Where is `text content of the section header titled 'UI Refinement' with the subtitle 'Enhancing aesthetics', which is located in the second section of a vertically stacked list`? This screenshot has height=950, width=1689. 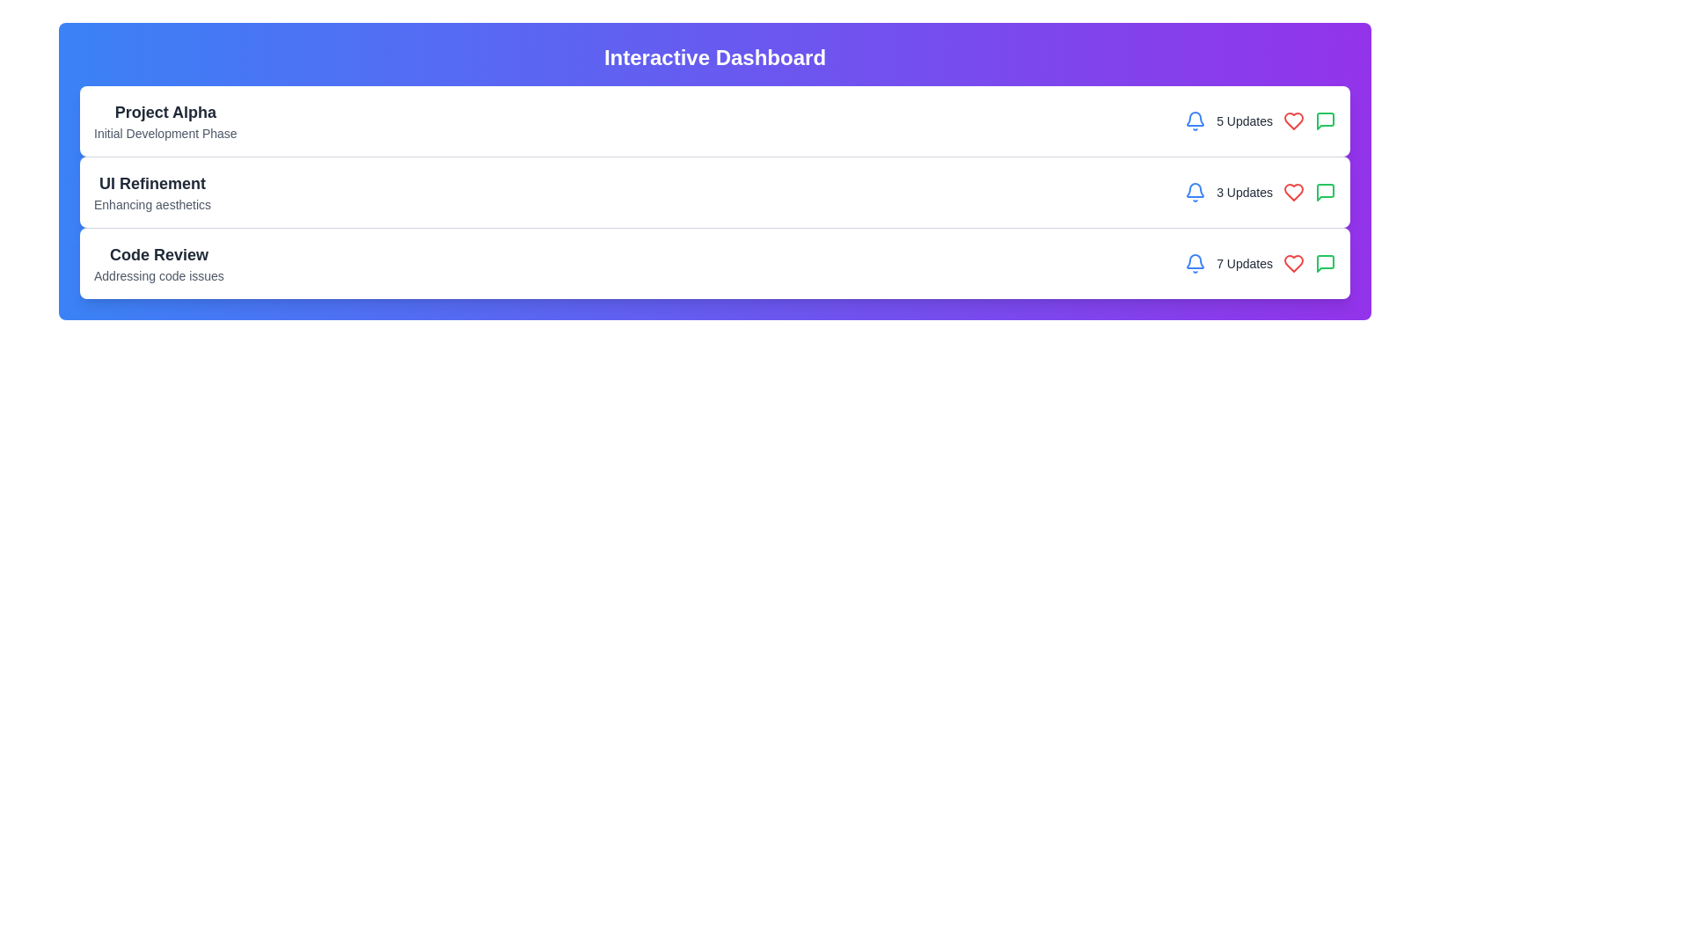 text content of the section header titled 'UI Refinement' with the subtitle 'Enhancing aesthetics', which is located in the second section of a vertically stacked list is located at coordinates (152, 193).